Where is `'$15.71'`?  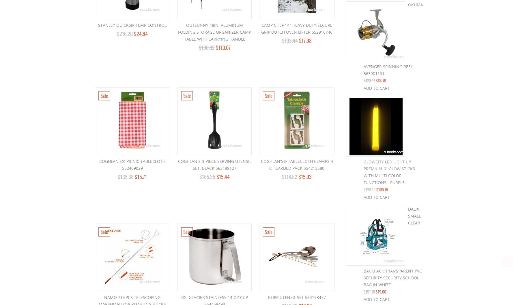
'$15.71' is located at coordinates (135, 176).